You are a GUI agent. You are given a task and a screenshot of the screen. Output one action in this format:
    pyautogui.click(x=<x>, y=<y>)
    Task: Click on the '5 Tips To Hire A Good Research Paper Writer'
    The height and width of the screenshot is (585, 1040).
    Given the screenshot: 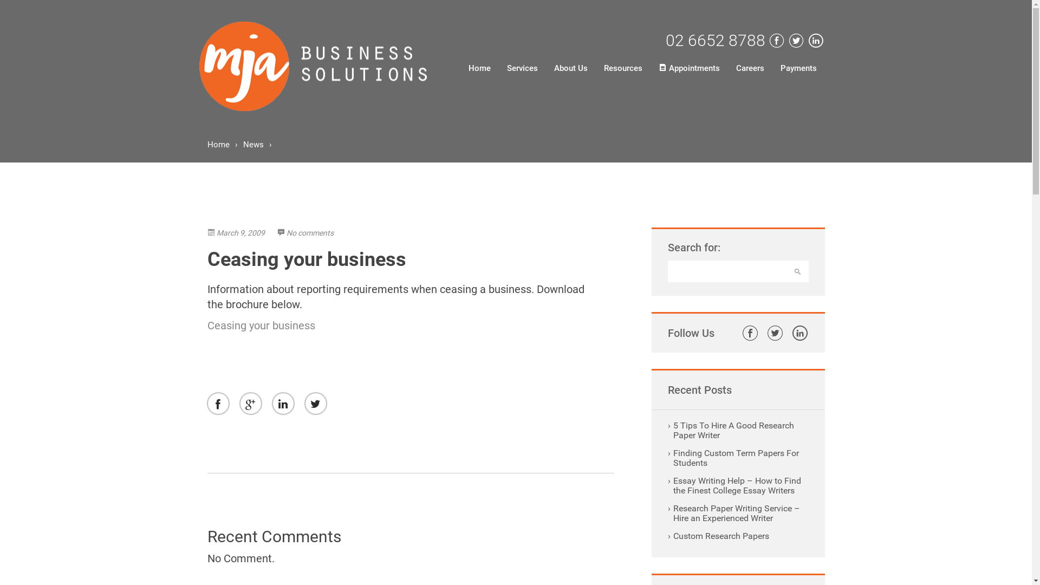 What is the action you would take?
    pyautogui.click(x=733, y=430)
    